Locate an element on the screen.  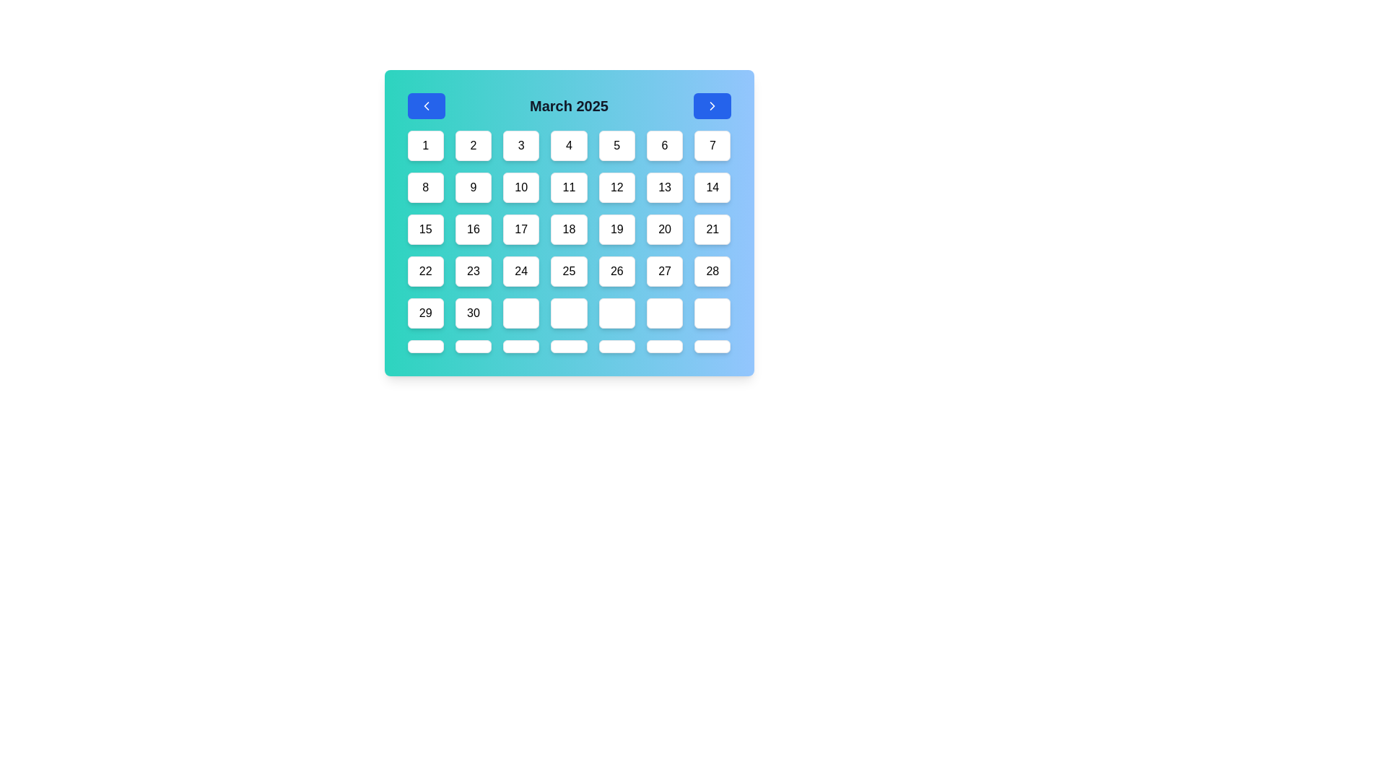
the chevron-shaped arrow icon within the blue rounded square button located on the top-right of the calendar header is located at coordinates (712, 105).